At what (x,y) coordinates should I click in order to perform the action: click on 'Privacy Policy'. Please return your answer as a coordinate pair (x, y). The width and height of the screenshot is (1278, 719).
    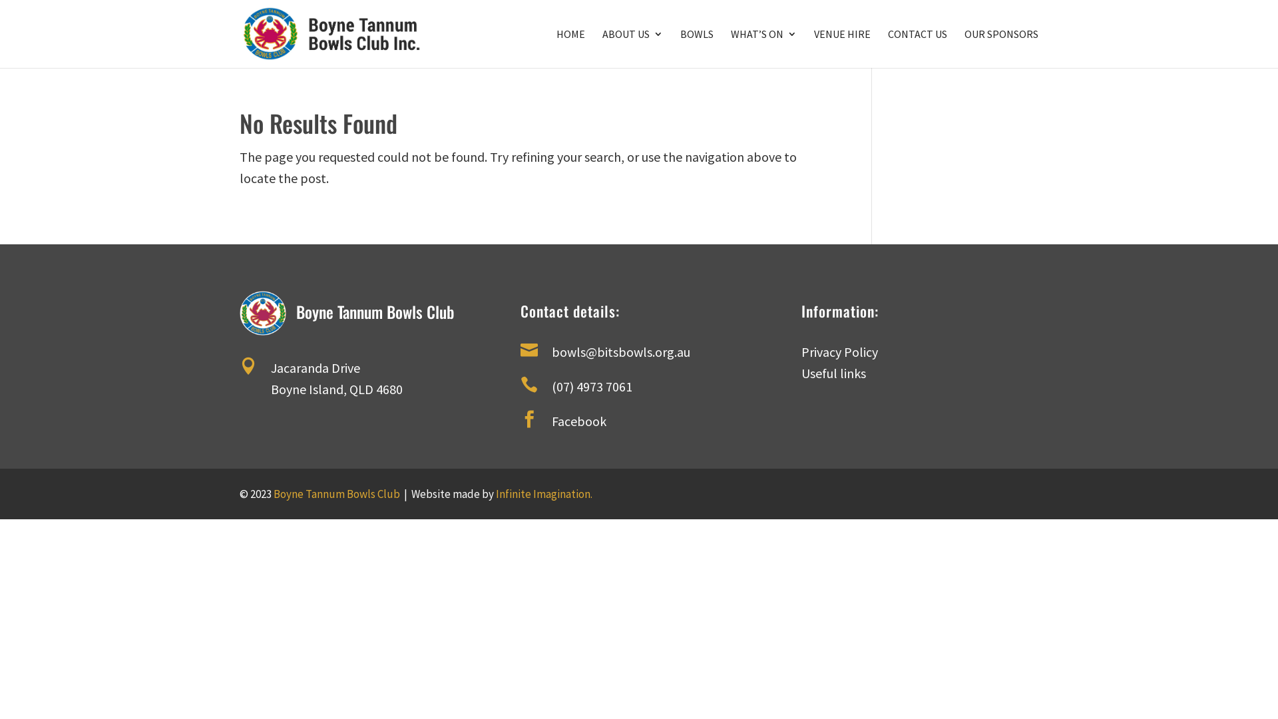
    Looking at the image, I should click on (801, 351).